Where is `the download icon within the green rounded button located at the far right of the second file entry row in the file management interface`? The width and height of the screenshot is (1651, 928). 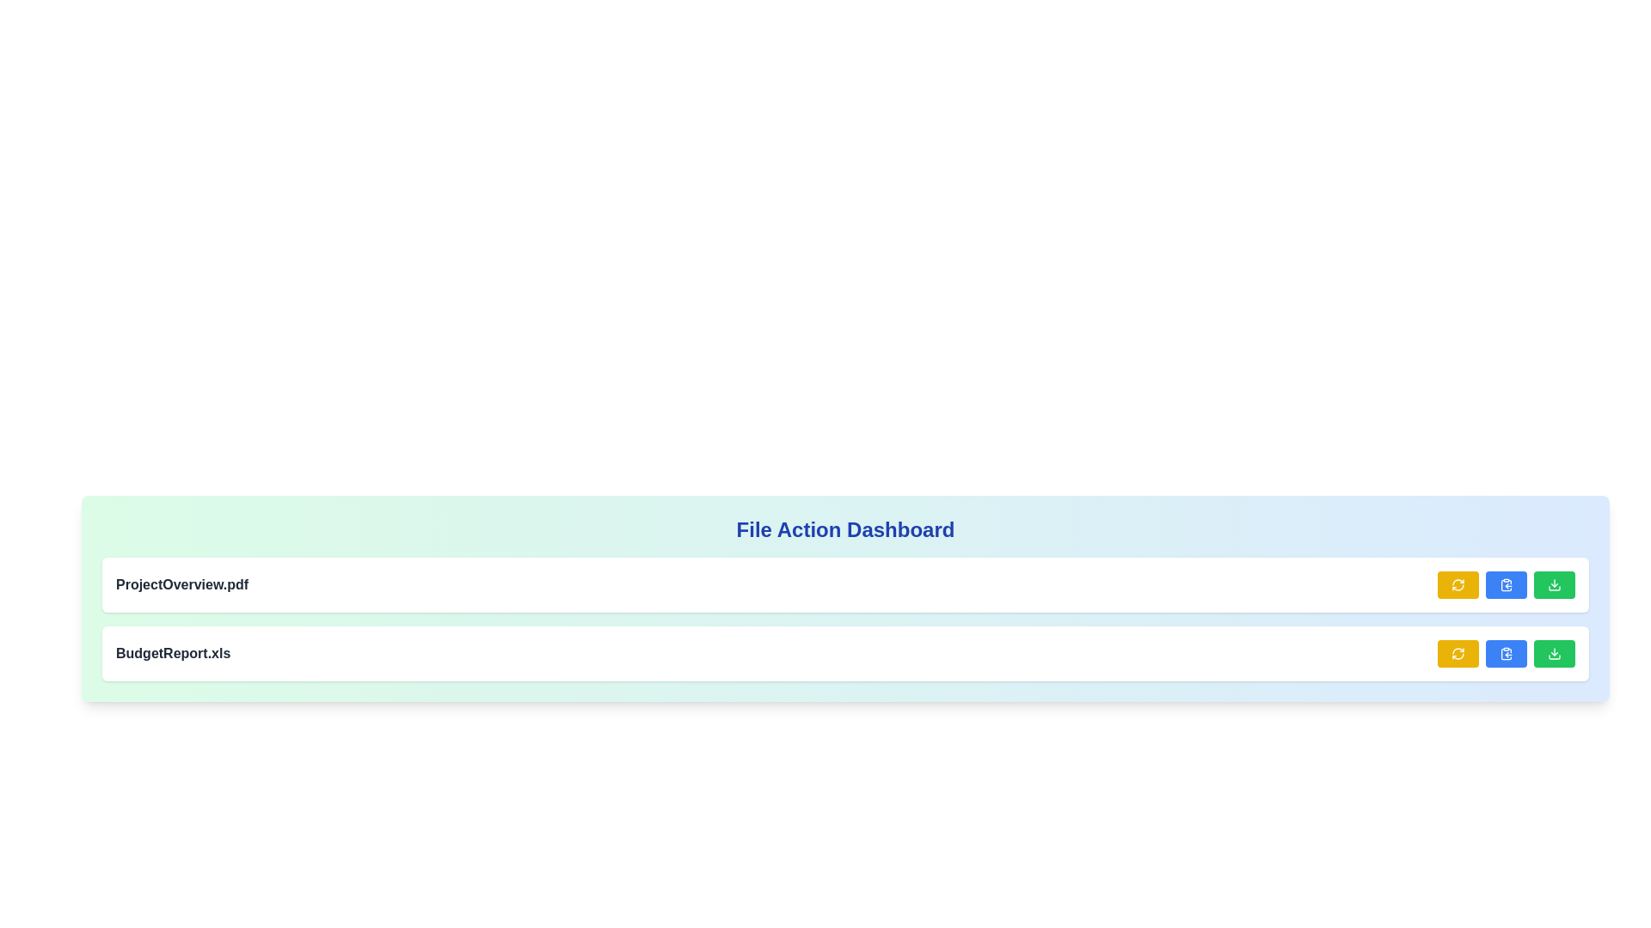
the download icon within the green rounded button located at the far right of the second file entry row in the file management interface is located at coordinates (1555, 653).